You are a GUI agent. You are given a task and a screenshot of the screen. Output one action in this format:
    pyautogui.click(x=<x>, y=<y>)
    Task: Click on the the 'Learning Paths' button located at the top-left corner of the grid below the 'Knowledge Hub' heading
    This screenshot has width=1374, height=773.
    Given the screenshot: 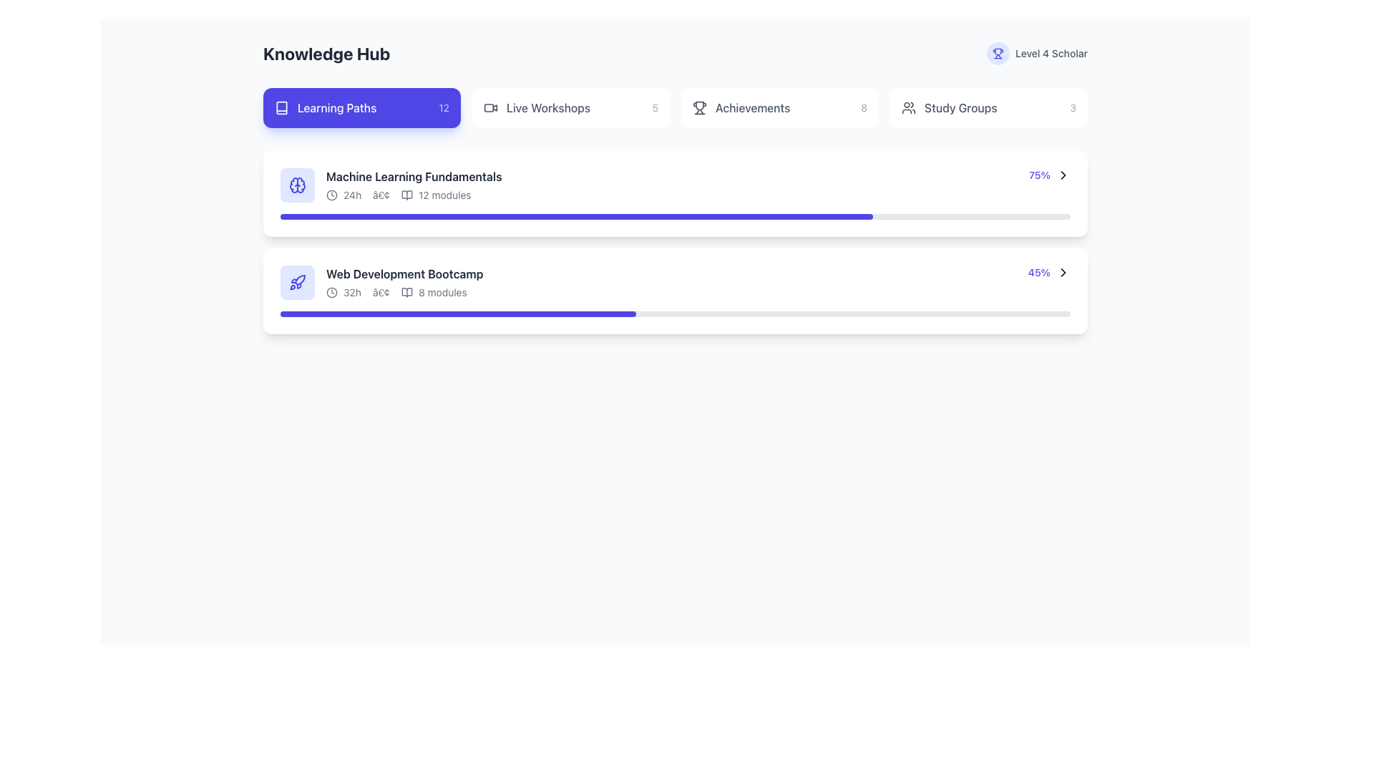 What is the action you would take?
    pyautogui.click(x=361, y=107)
    